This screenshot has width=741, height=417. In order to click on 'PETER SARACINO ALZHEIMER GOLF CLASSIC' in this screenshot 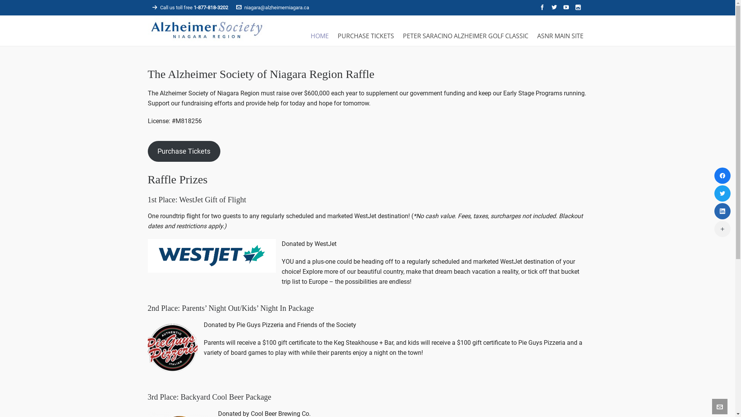, I will do `click(465, 34)`.